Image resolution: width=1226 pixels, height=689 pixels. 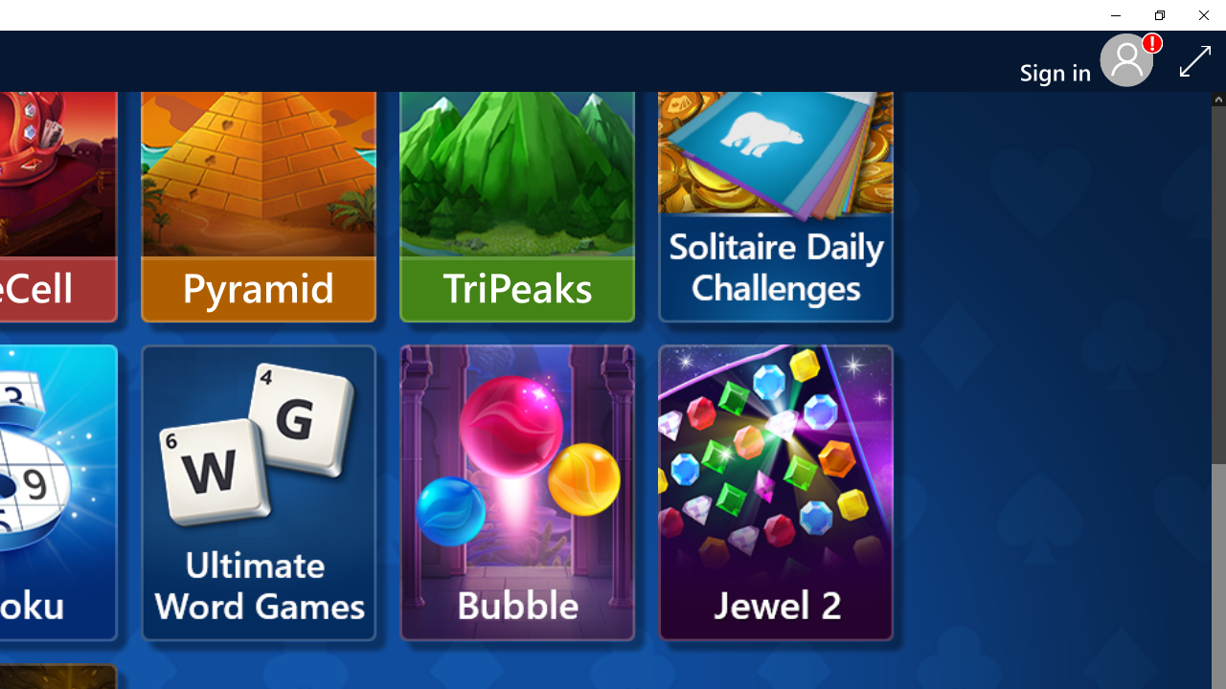 What do you see at coordinates (258, 492) in the screenshot?
I see `'Microsoft UWG'` at bounding box center [258, 492].